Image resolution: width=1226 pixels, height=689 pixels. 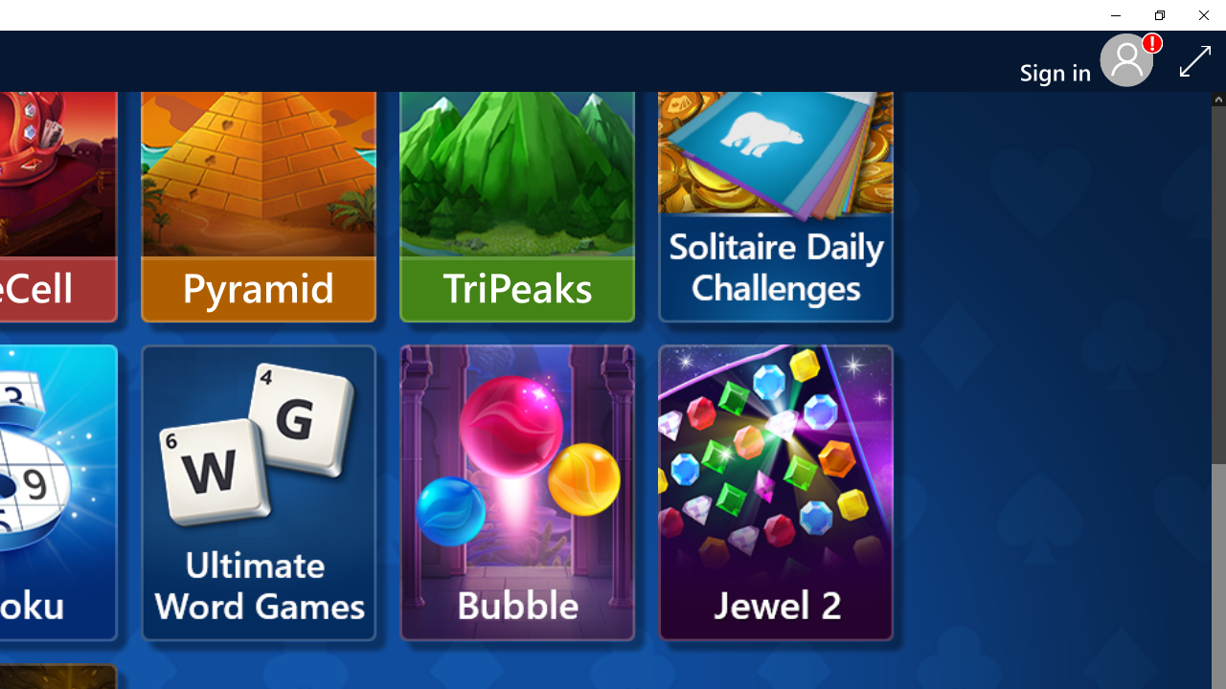 What do you see at coordinates (258, 492) in the screenshot?
I see `'Microsoft UWG'` at bounding box center [258, 492].